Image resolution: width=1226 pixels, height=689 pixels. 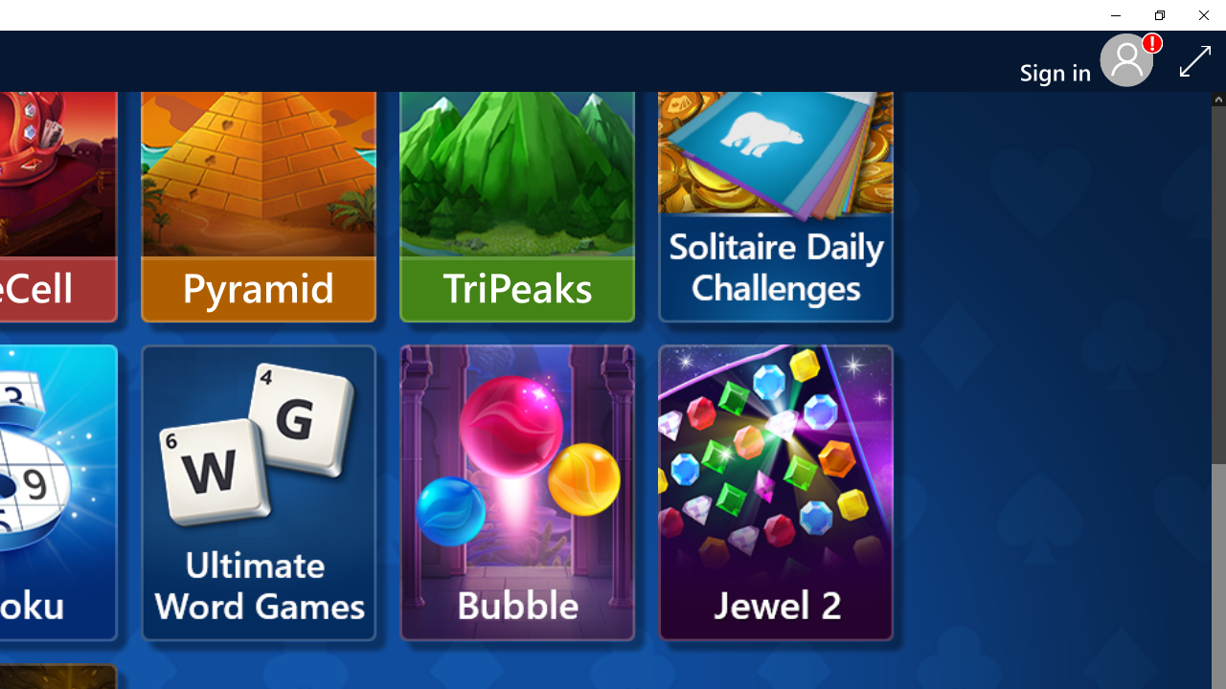 What do you see at coordinates (258, 492) in the screenshot?
I see `'Microsoft UWG'` at bounding box center [258, 492].